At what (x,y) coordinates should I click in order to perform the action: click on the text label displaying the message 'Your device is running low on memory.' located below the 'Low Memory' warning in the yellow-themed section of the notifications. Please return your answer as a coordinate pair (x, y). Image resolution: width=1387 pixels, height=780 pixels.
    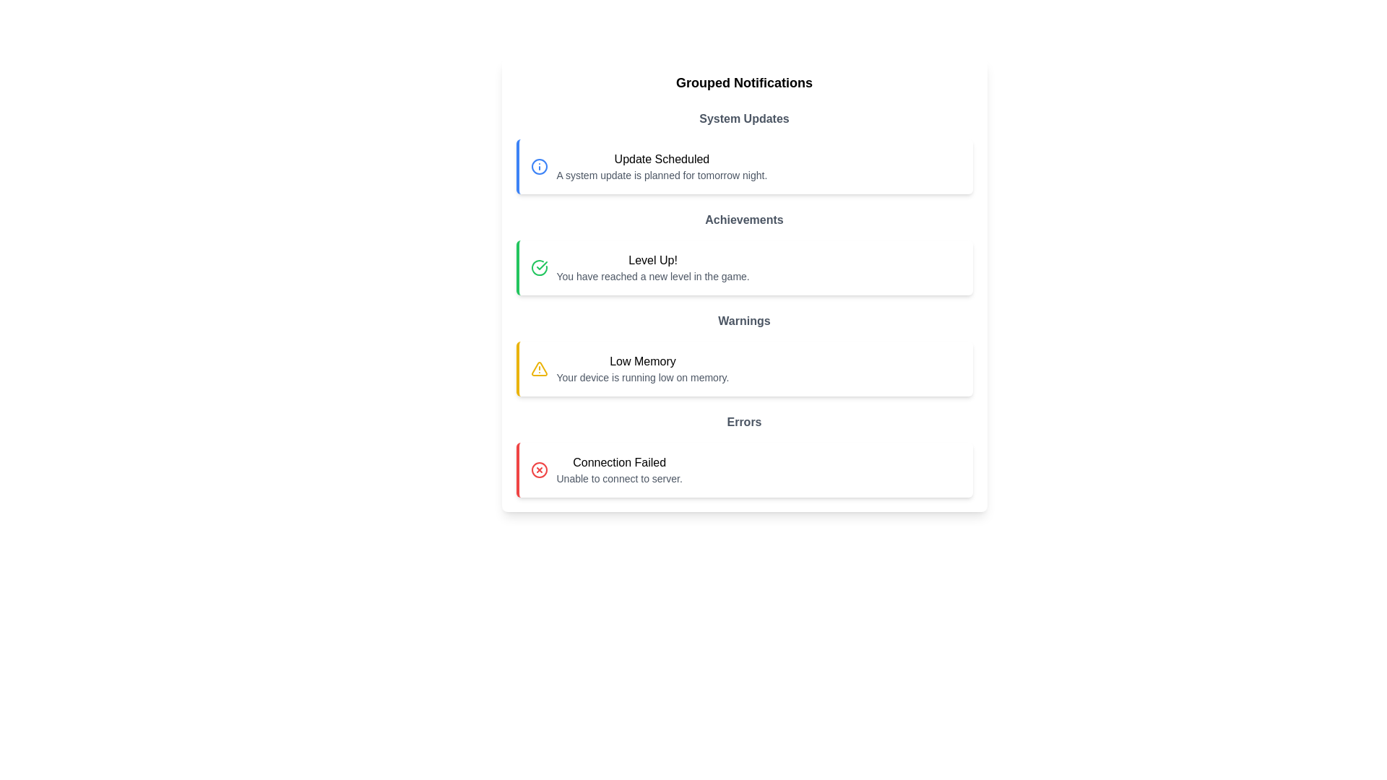
    Looking at the image, I should click on (641, 377).